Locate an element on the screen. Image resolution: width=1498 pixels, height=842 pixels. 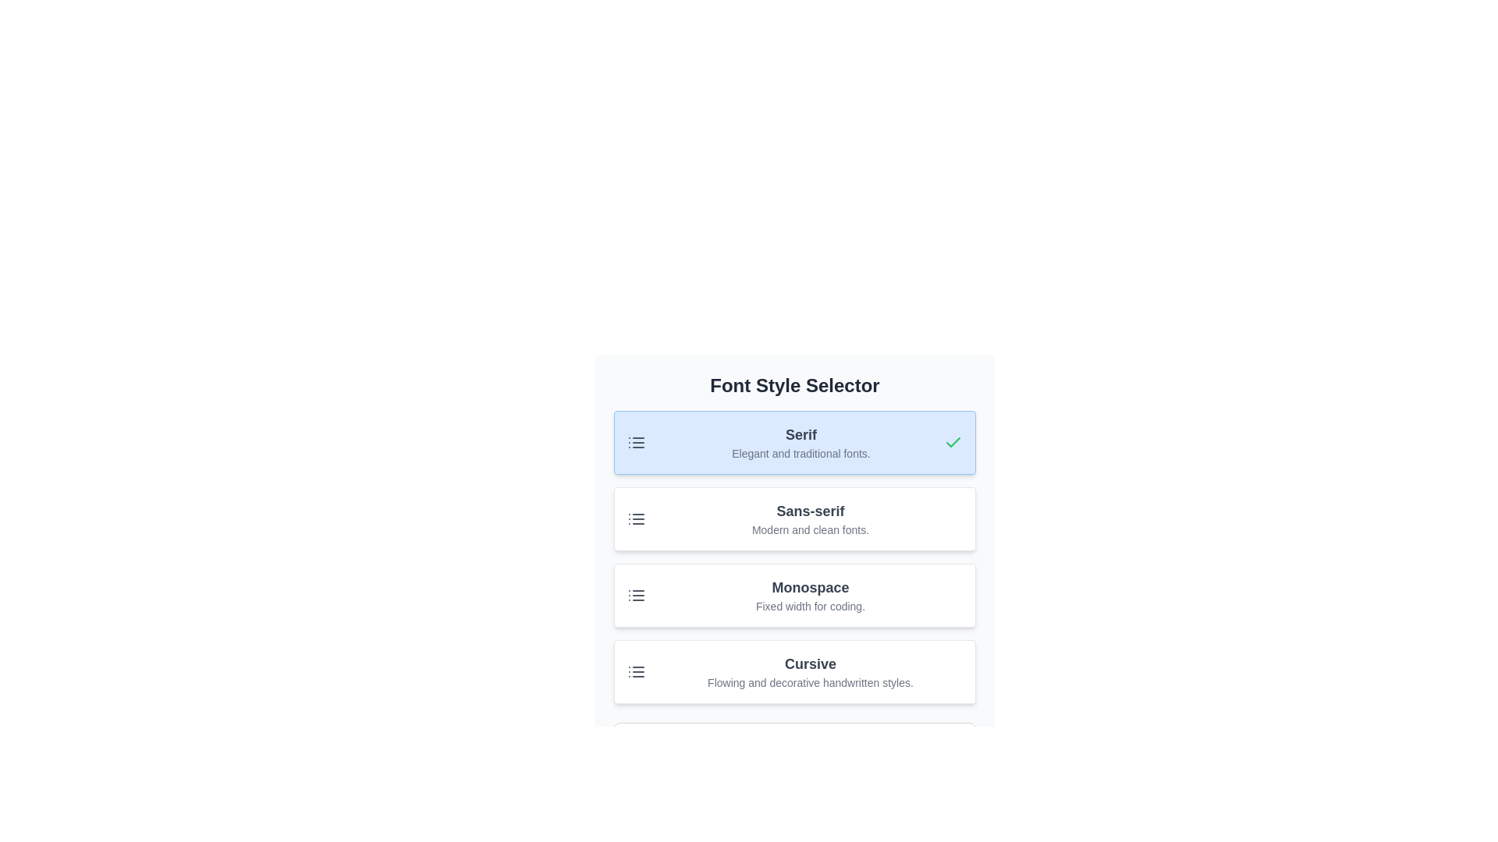
the icon representation of a list, which consists of three gray horizontal lines, located to the left of the 'Monospace' option in the Font Style Selector is located at coordinates (637, 595).